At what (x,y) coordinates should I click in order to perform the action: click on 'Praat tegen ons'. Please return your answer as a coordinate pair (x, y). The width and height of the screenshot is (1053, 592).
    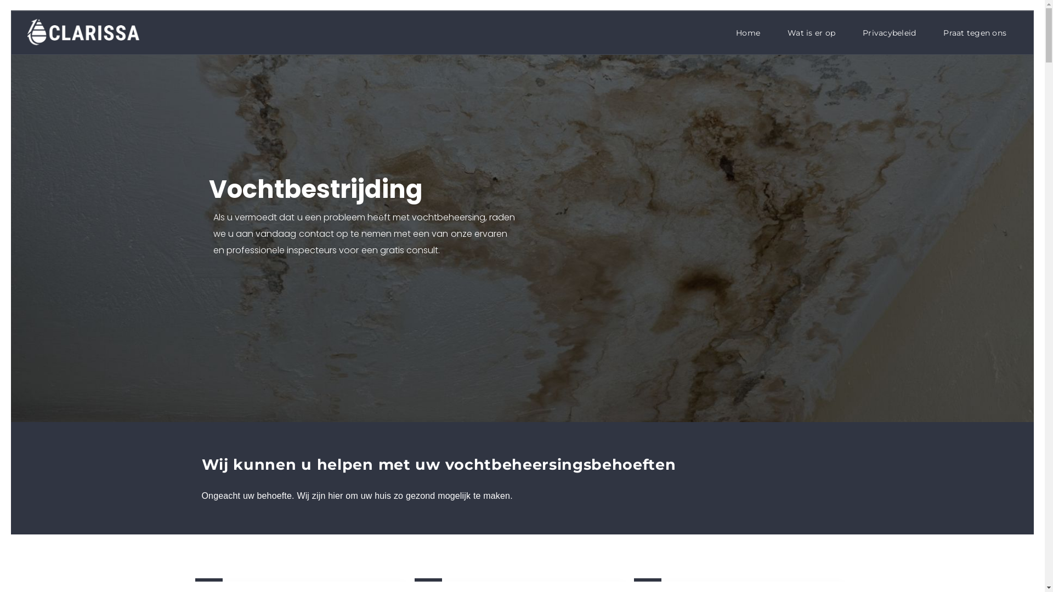
    Looking at the image, I should click on (975, 32).